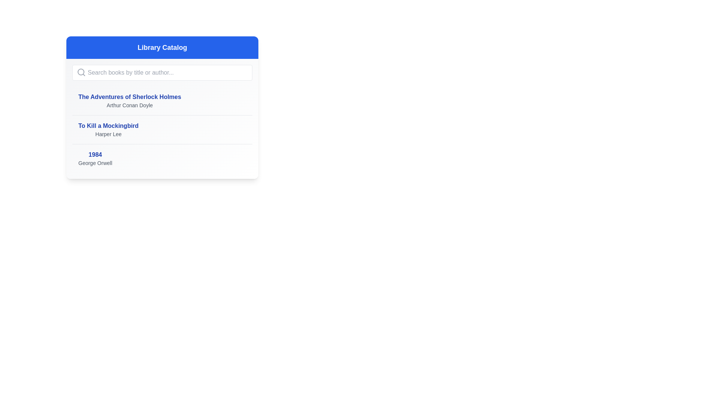 The width and height of the screenshot is (720, 405). Describe the element at coordinates (95, 154) in the screenshot. I see `title text element indicating the book name '1984', which is located above the text 'George Orwell' in the library catalog` at that location.